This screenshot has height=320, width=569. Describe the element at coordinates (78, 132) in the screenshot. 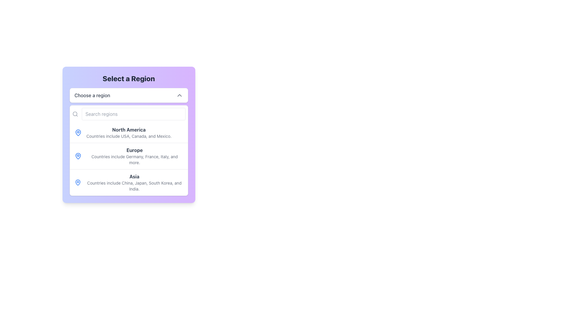

I see `the blue map pin icon located to the left of the 'North America' list item in the regions list under 'Select a Region'` at that location.